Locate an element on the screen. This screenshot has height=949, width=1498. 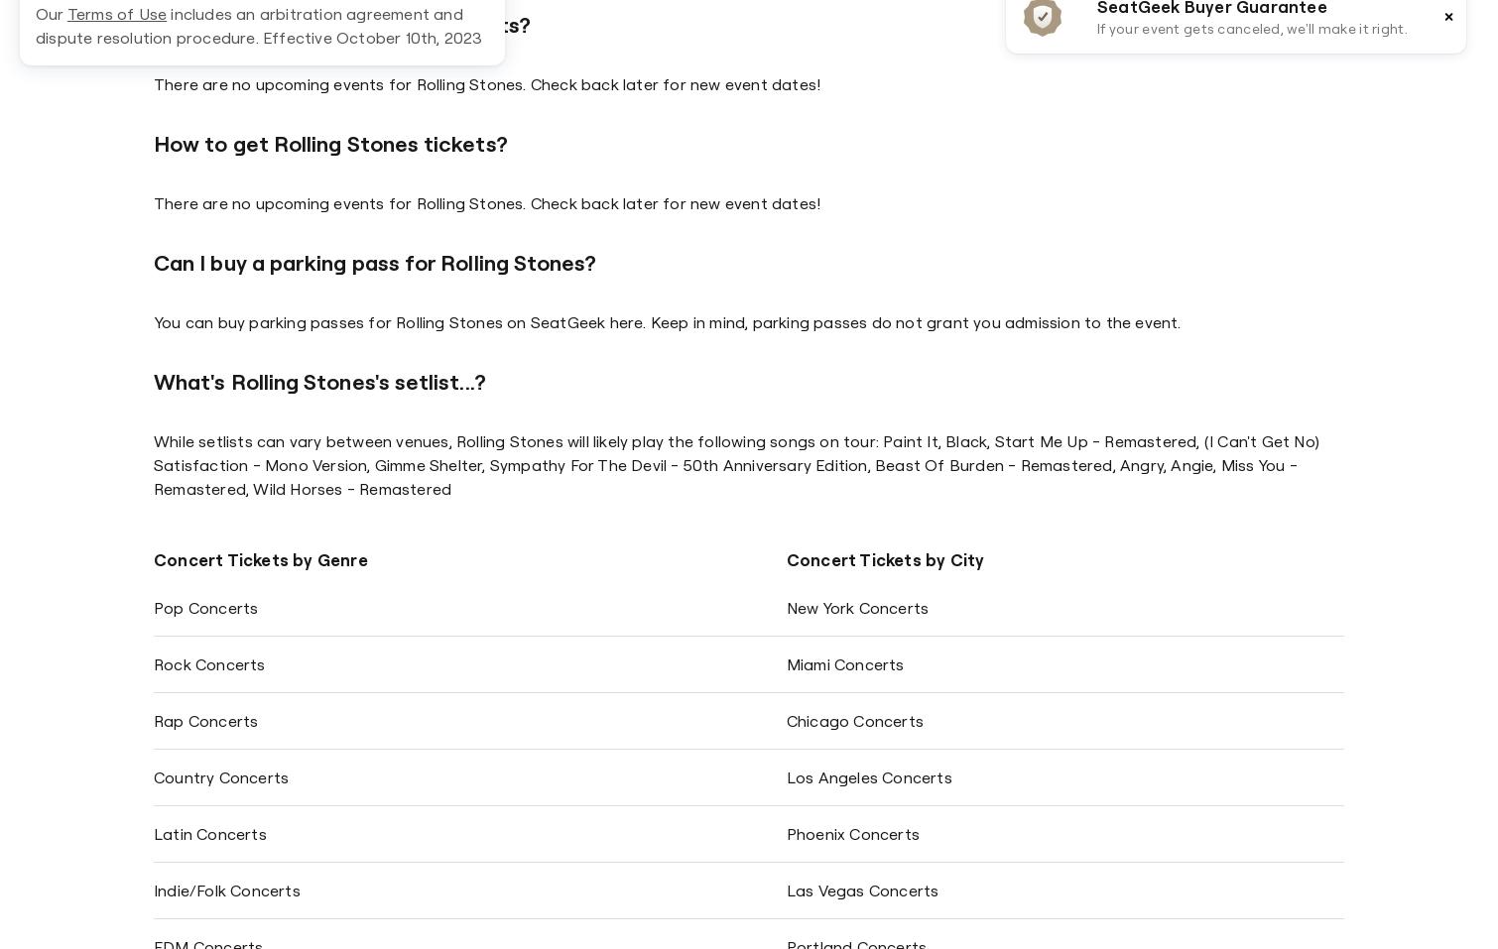
'Latin Concerts' is located at coordinates (209, 833).